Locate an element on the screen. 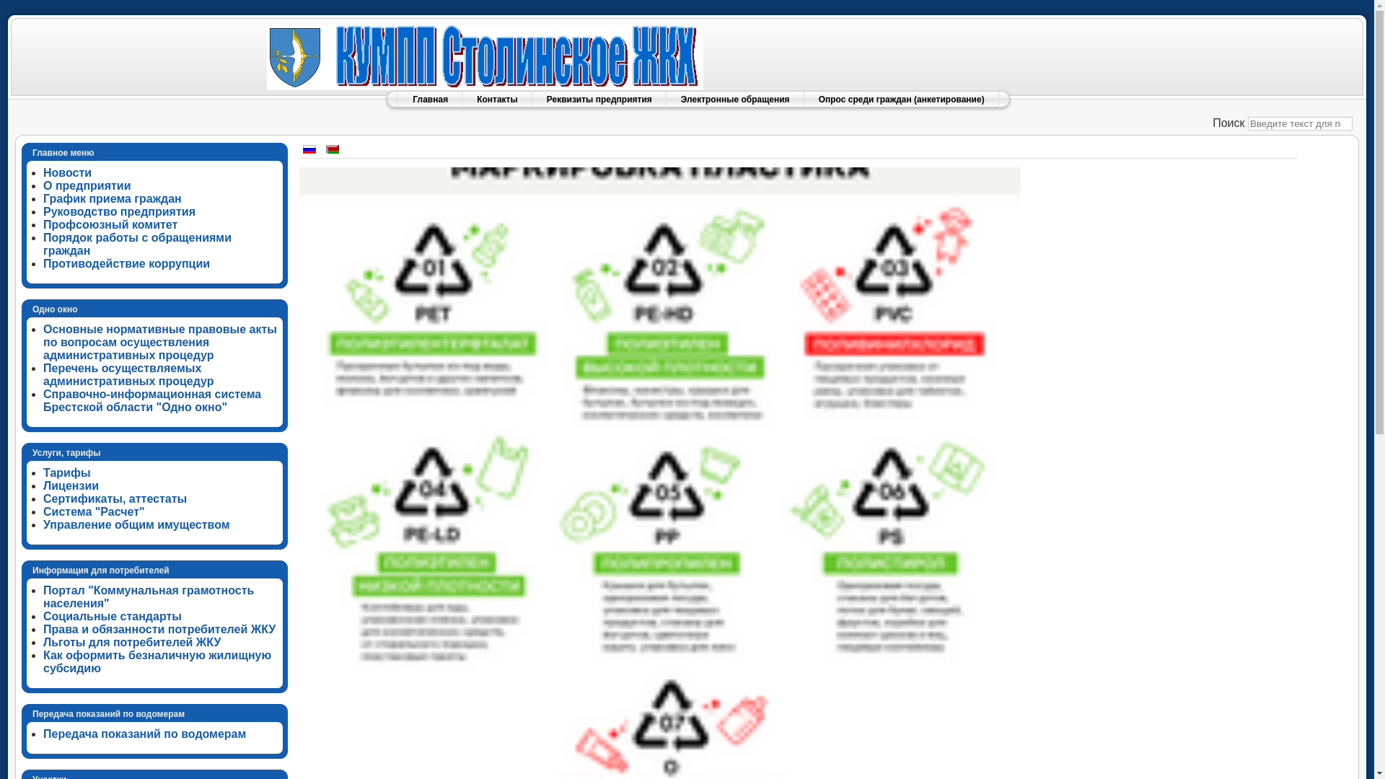 The height and width of the screenshot is (779, 1385). 'Belarusian (be-BY)' is located at coordinates (331, 149).